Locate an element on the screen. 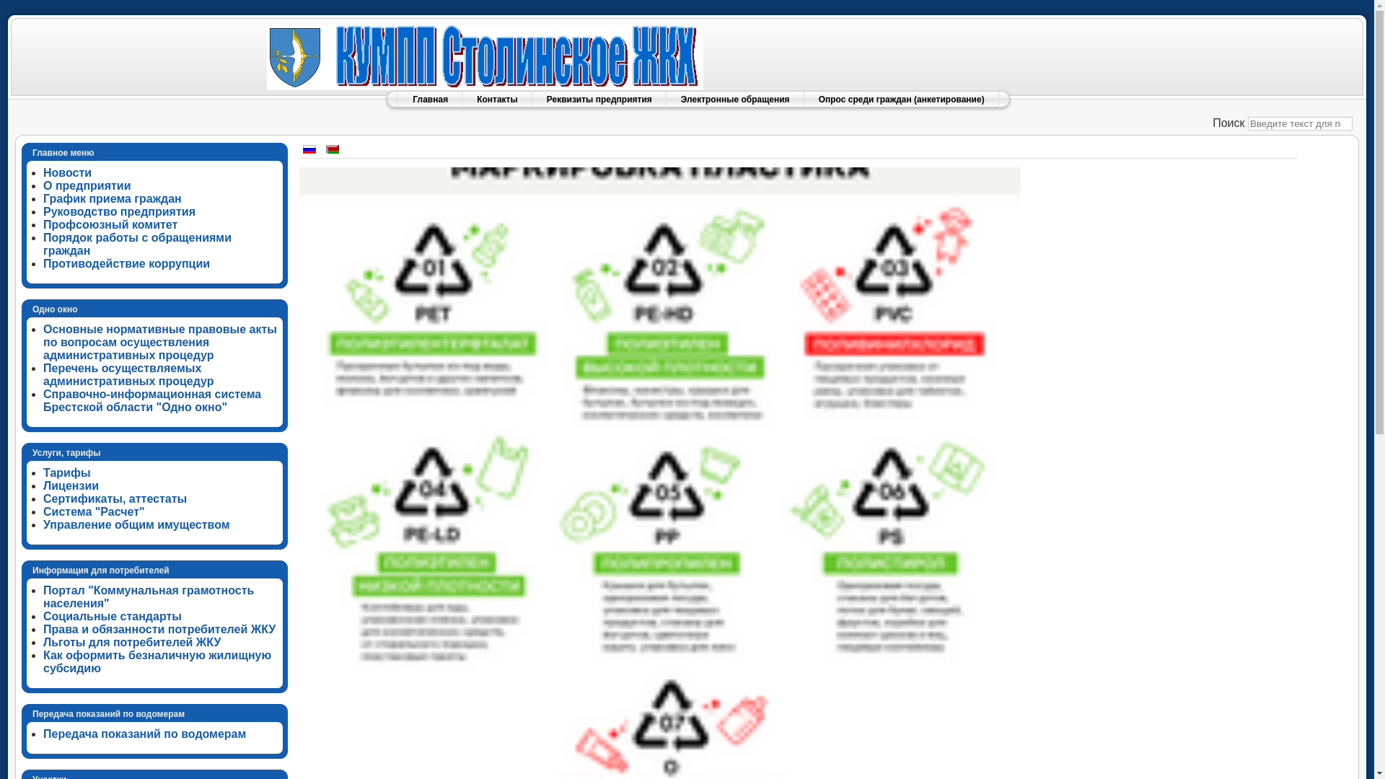 The height and width of the screenshot is (779, 1385). 'Belarusian (be-BY)' is located at coordinates (331, 149).